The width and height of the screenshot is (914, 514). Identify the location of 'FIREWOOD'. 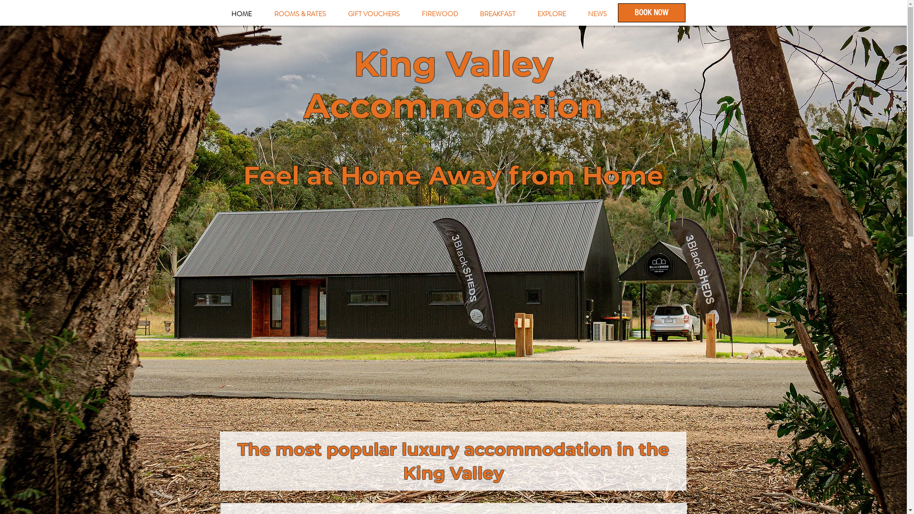
(438, 14).